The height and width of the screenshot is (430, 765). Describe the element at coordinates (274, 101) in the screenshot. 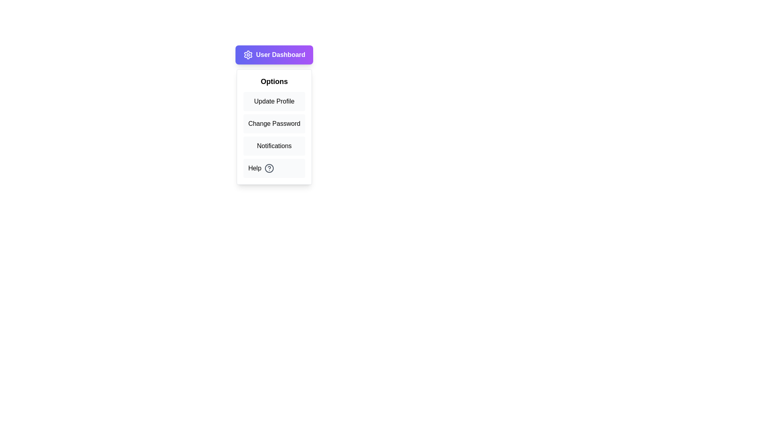

I see `the menu option Update Profile from the User Dashboard Menu` at that location.